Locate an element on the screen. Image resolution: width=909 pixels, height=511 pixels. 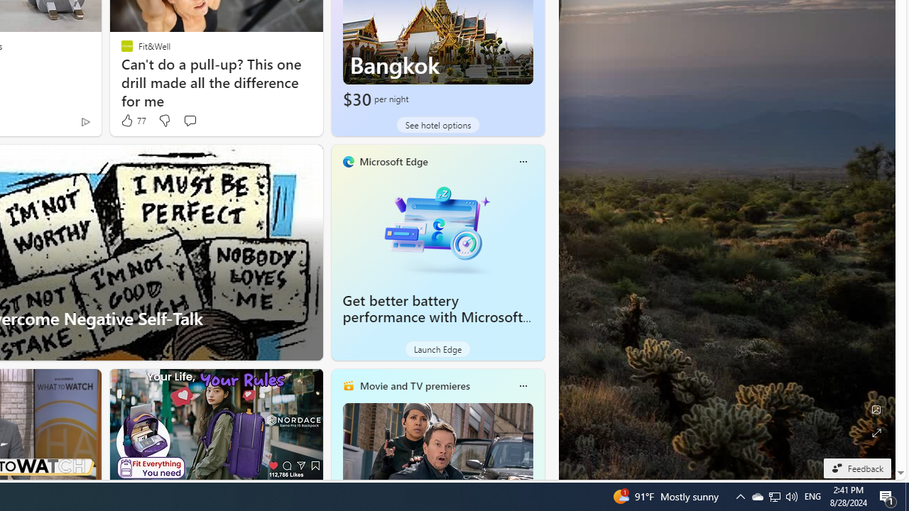
'Launch Edge' is located at coordinates (437, 349).